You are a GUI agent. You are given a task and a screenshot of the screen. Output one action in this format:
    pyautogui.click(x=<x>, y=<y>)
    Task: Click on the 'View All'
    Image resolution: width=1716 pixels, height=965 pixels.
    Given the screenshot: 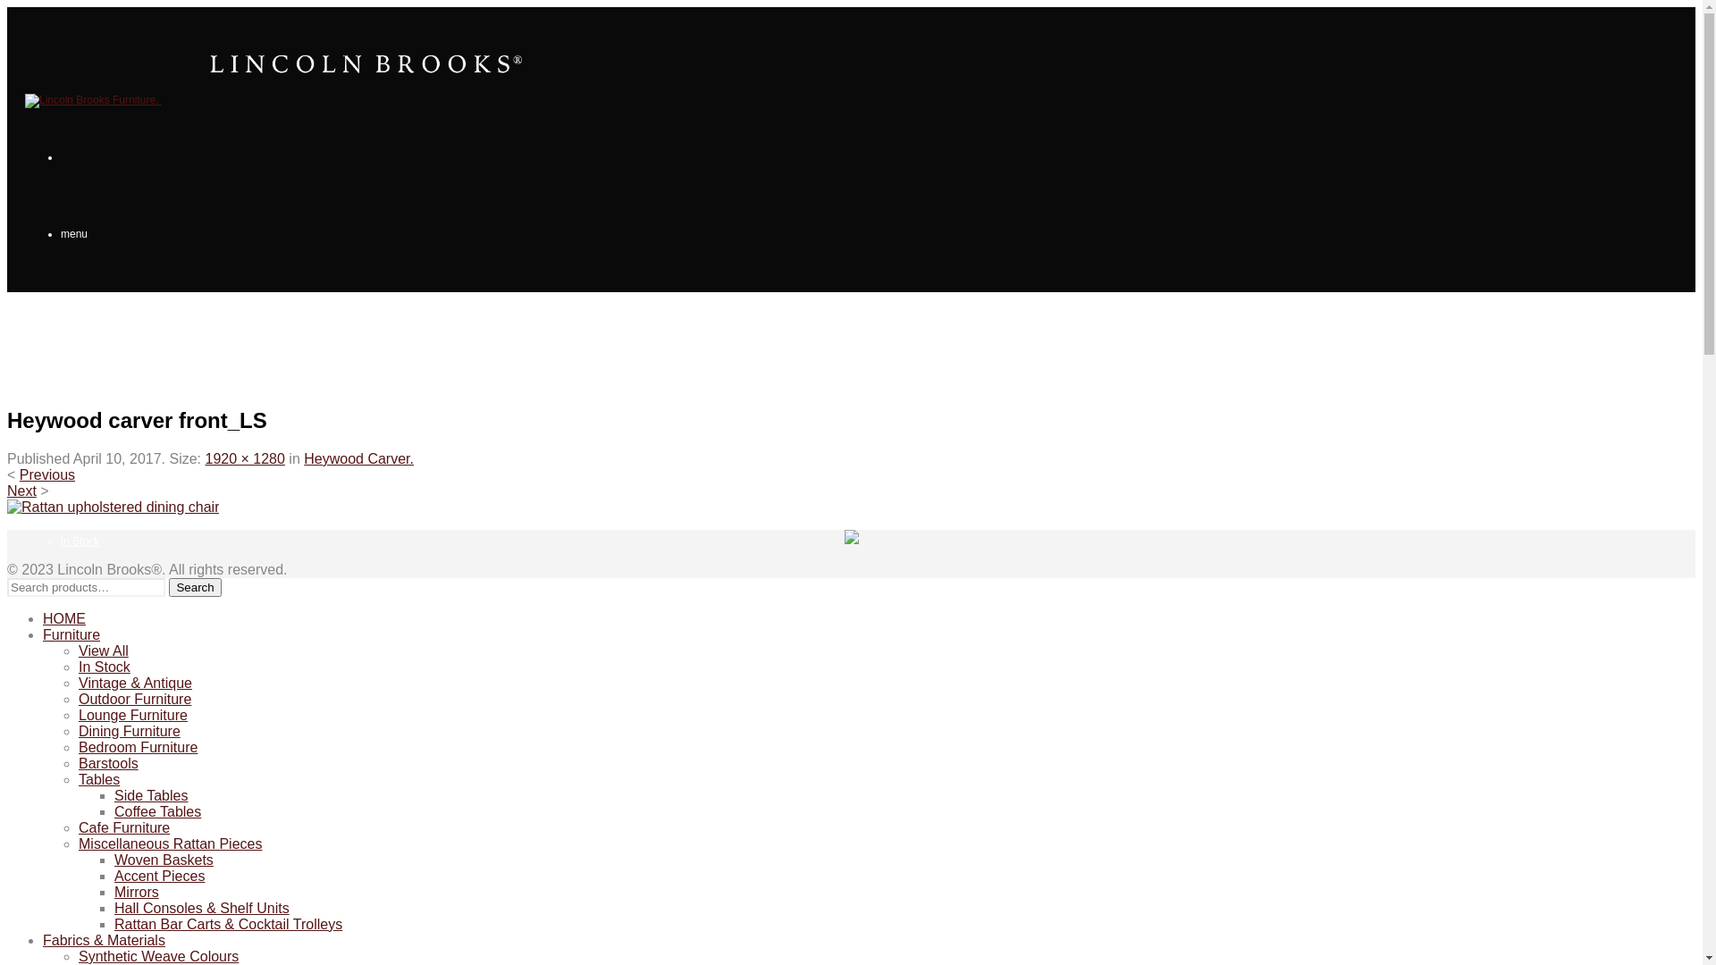 What is the action you would take?
    pyautogui.click(x=79, y=464)
    